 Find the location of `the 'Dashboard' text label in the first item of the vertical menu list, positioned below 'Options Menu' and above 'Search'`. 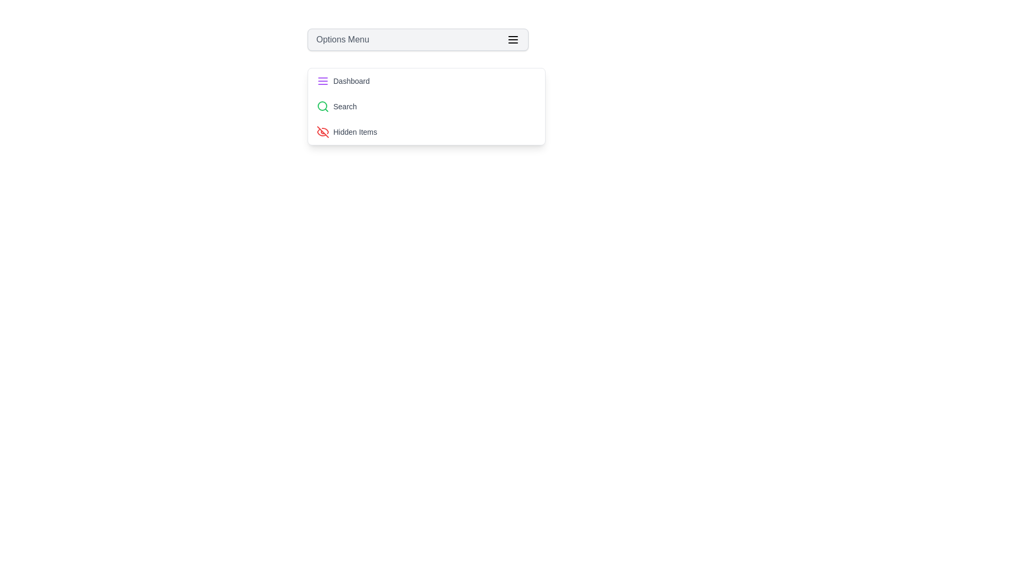

the 'Dashboard' text label in the first item of the vertical menu list, positioned below 'Options Menu' and above 'Search' is located at coordinates (351, 81).